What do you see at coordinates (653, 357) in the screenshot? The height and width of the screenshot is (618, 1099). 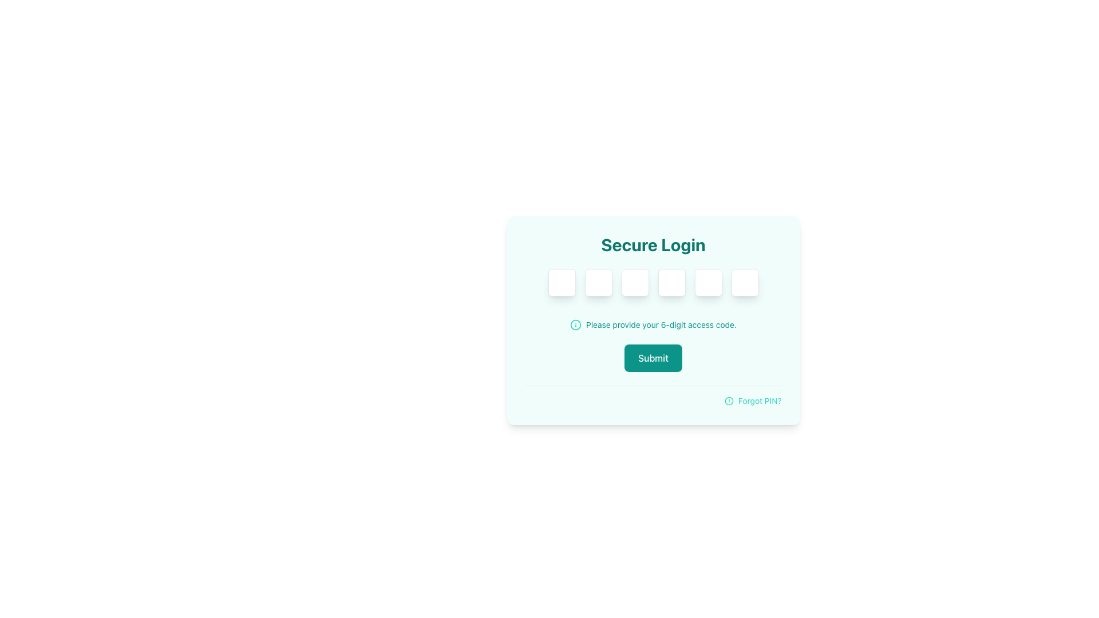 I see `the 'Submit' button with a teal background and white text located within the 'Secure Login' form` at bounding box center [653, 357].